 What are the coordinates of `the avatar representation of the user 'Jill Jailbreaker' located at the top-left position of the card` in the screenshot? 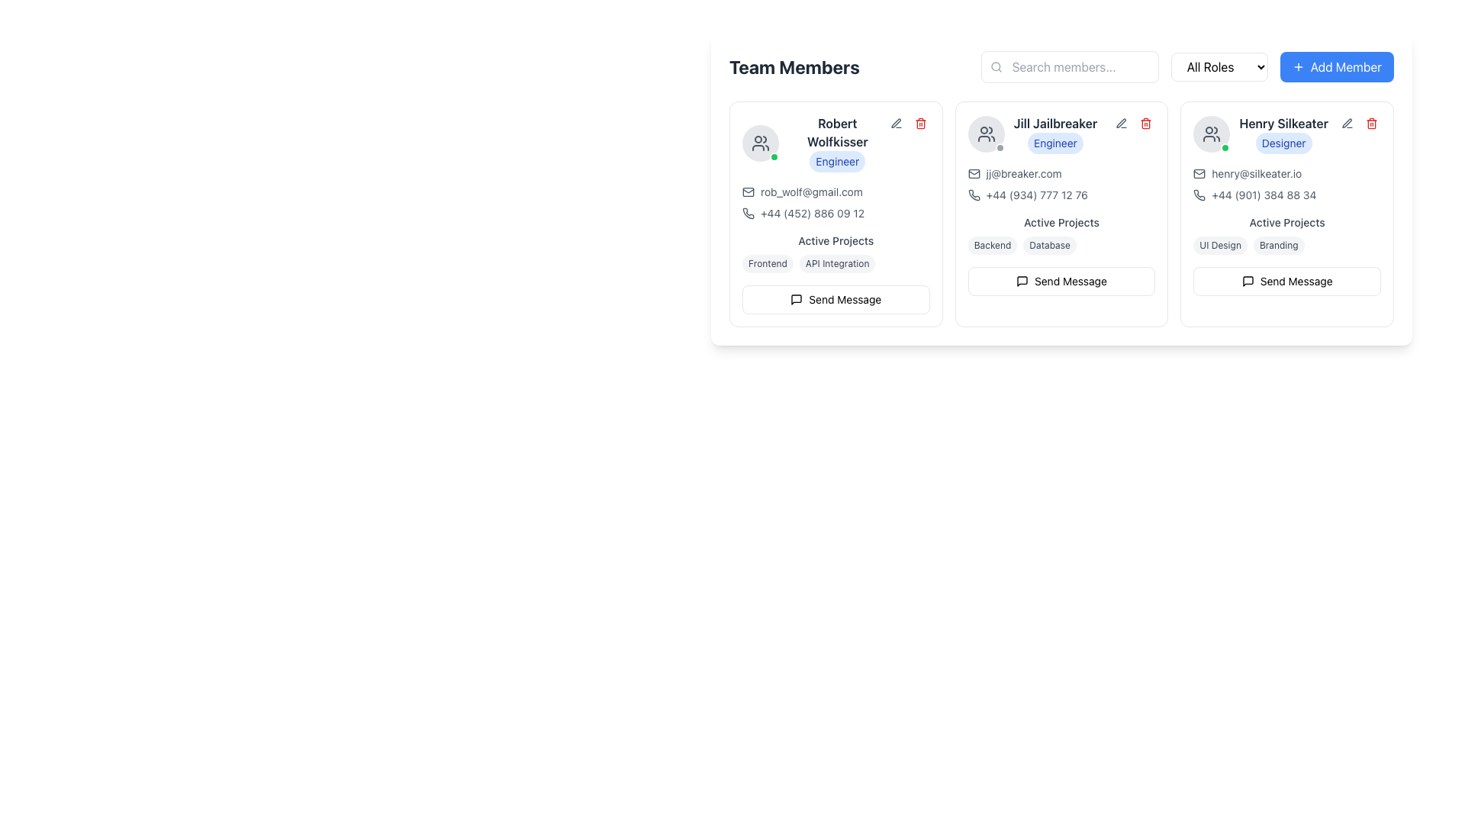 It's located at (986, 134).